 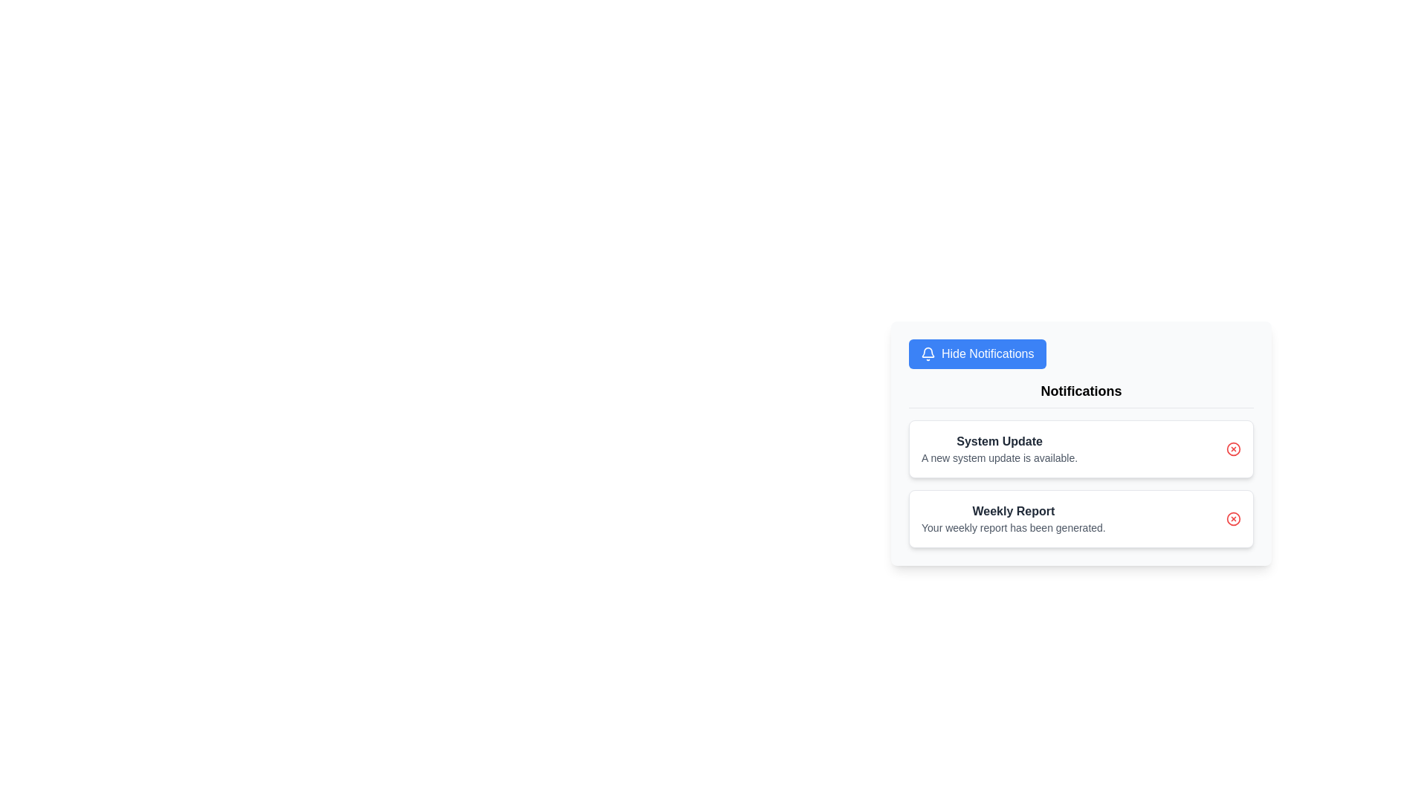 I want to click on the informational text label that indicates the successful generation of the weekly report, which is positioned below the 'Weekly Report' text in the notification card, so click(x=1012, y=526).